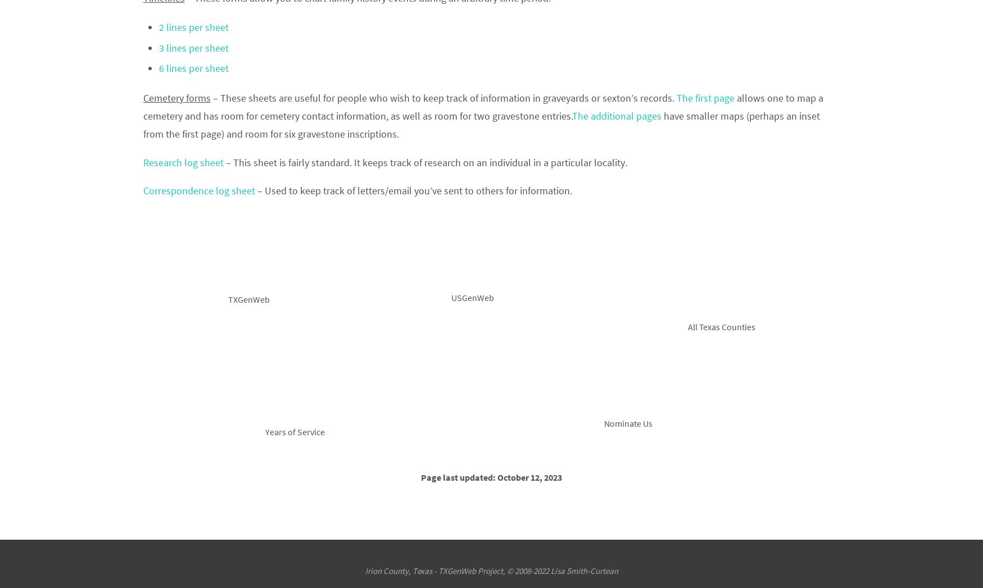  I want to click on 'Page last updated: October 12, 2023', so click(420, 477).